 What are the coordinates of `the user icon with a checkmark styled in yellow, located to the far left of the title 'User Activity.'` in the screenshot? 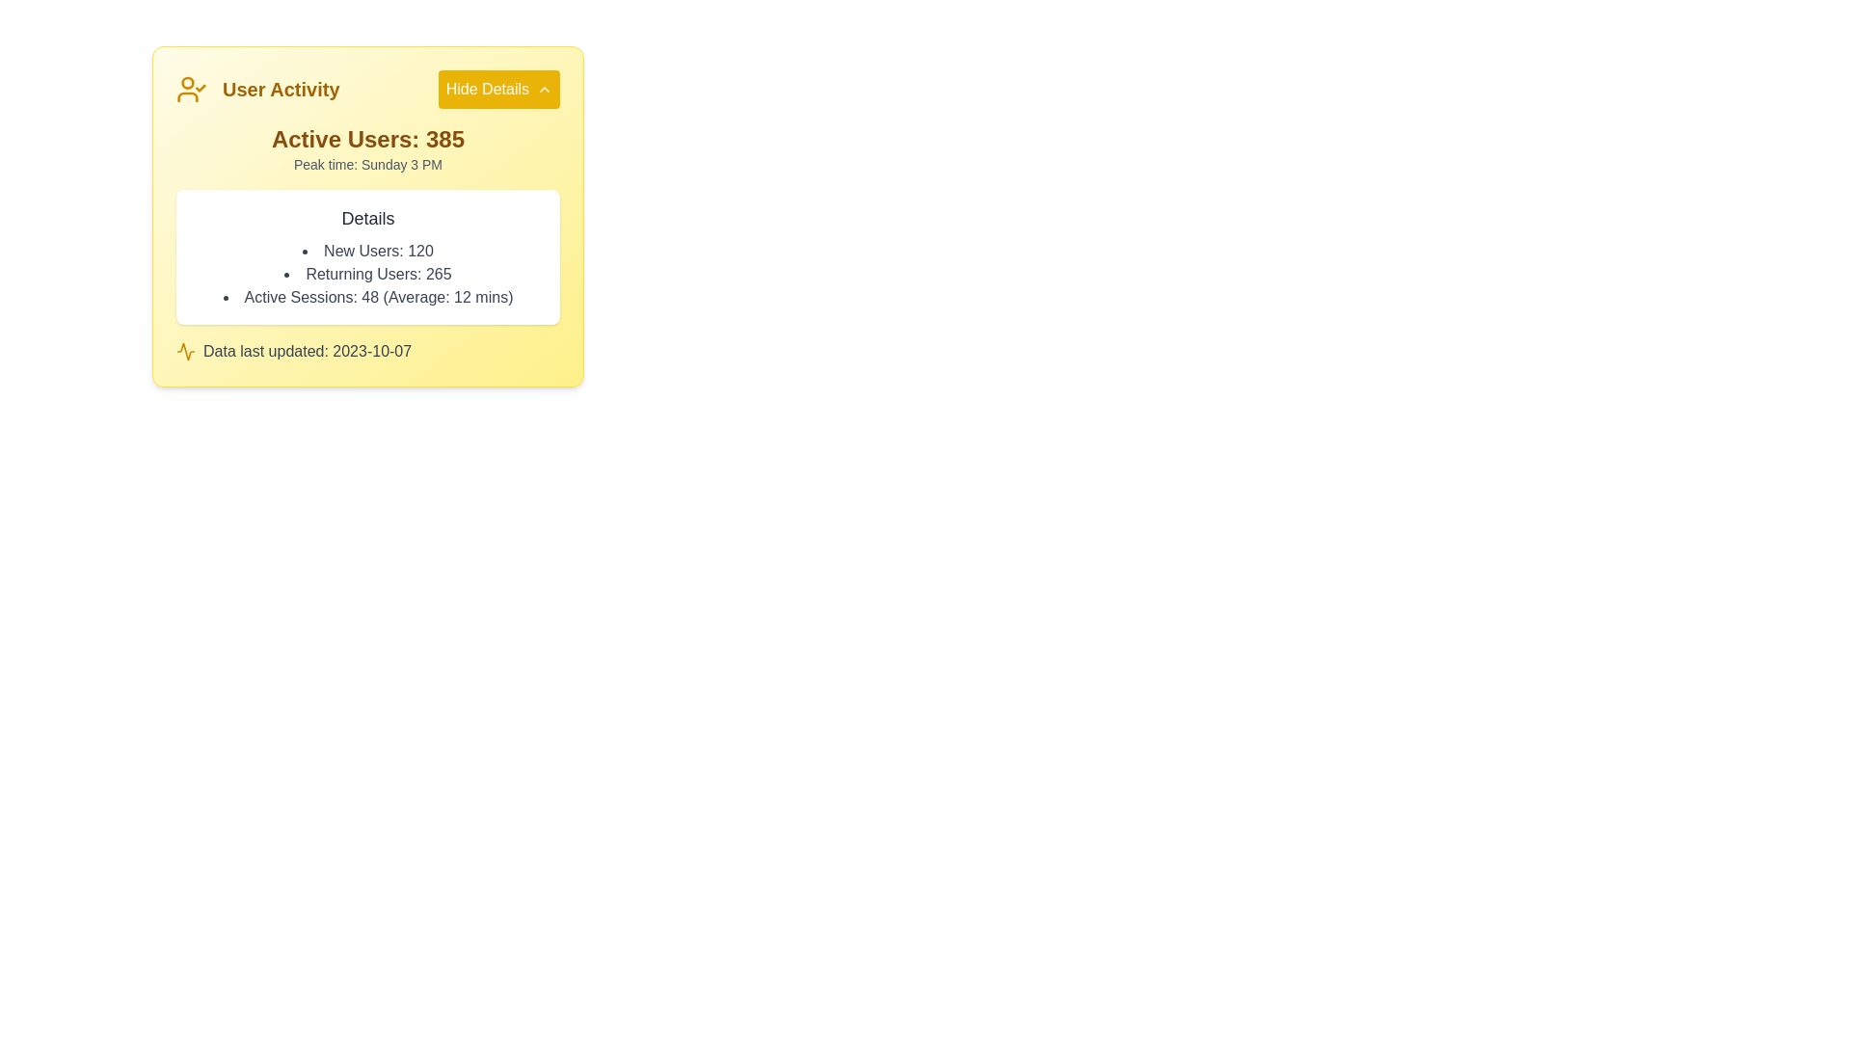 It's located at (191, 89).